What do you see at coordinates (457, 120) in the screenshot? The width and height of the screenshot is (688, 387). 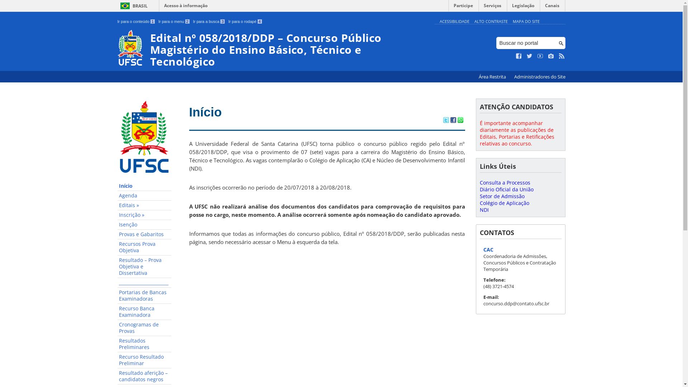 I see `'Compartilhar no WhatsApp'` at bounding box center [457, 120].